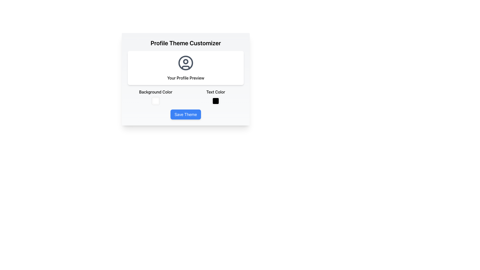 This screenshot has height=270, width=480. What do you see at coordinates (216, 97) in the screenshot?
I see `the color preview block indicating the selected 'Text Color'` at bounding box center [216, 97].